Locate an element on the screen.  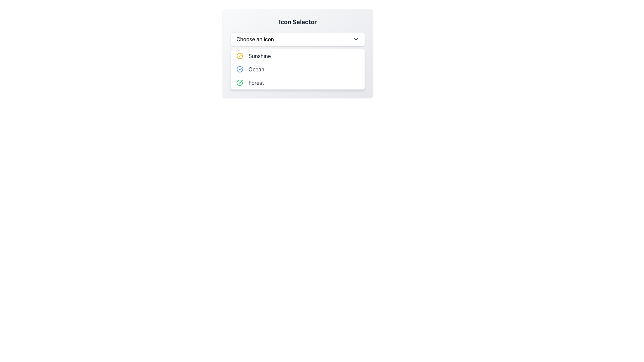
the circular blue outlined icon with a checkmark inside, which represents the selected state for the 'Ocean' option under 'Choose an icon' is located at coordinates (240, 69).